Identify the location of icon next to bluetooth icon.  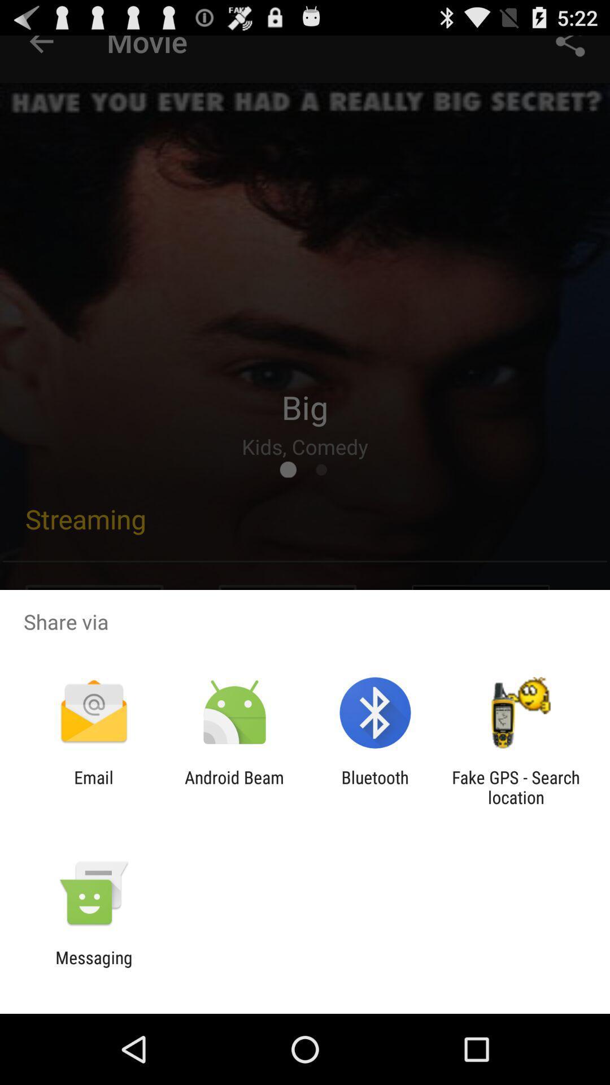
(234, 787).